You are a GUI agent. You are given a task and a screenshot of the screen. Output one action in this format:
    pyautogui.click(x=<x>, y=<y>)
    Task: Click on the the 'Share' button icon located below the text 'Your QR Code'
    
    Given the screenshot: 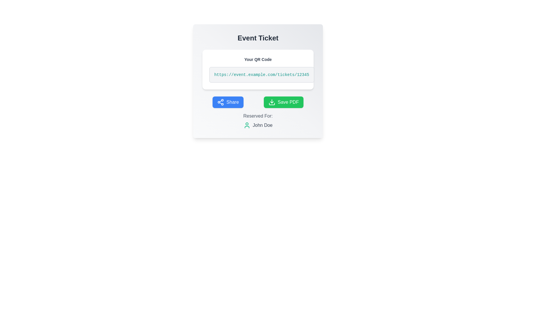 What is the action you would take?
    pyautogui.click(x=220, y=102)
    